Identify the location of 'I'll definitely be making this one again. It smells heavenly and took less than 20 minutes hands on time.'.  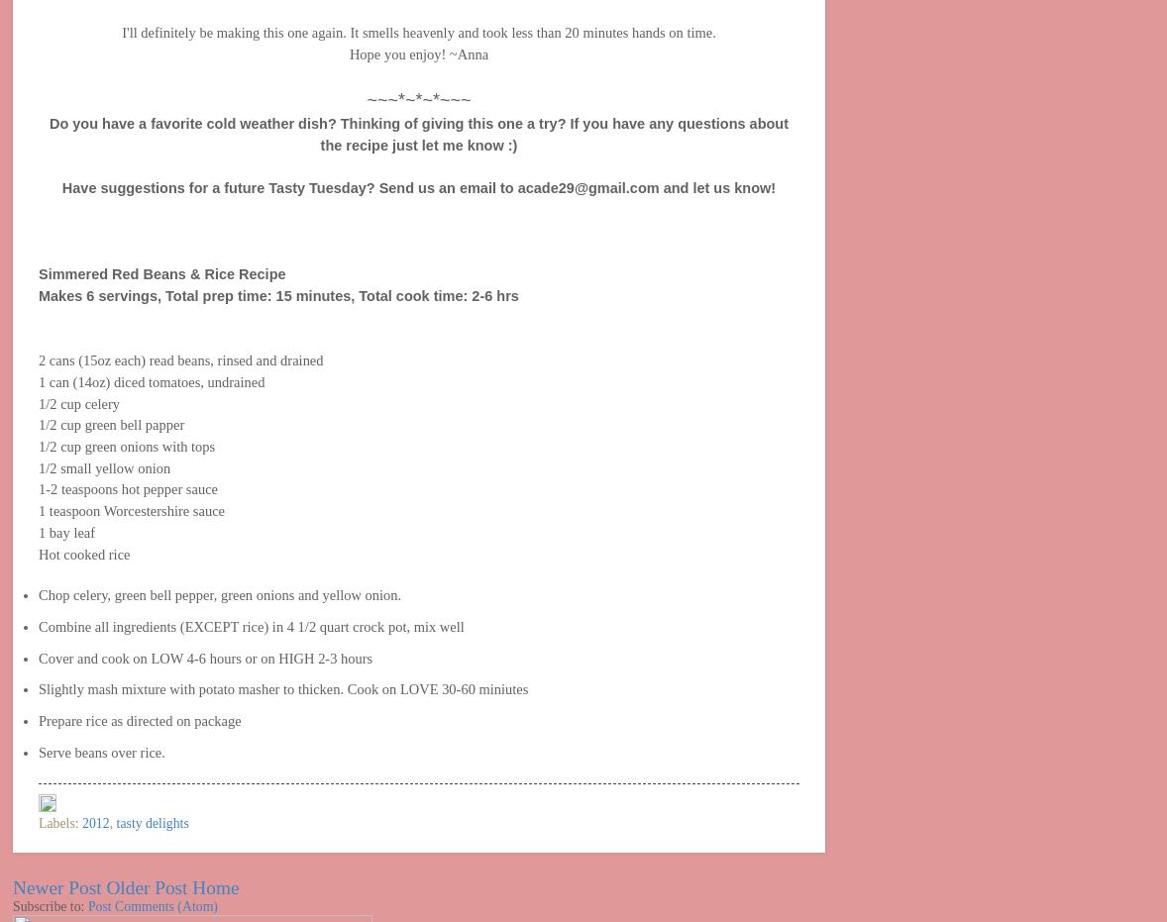
(120, 31).